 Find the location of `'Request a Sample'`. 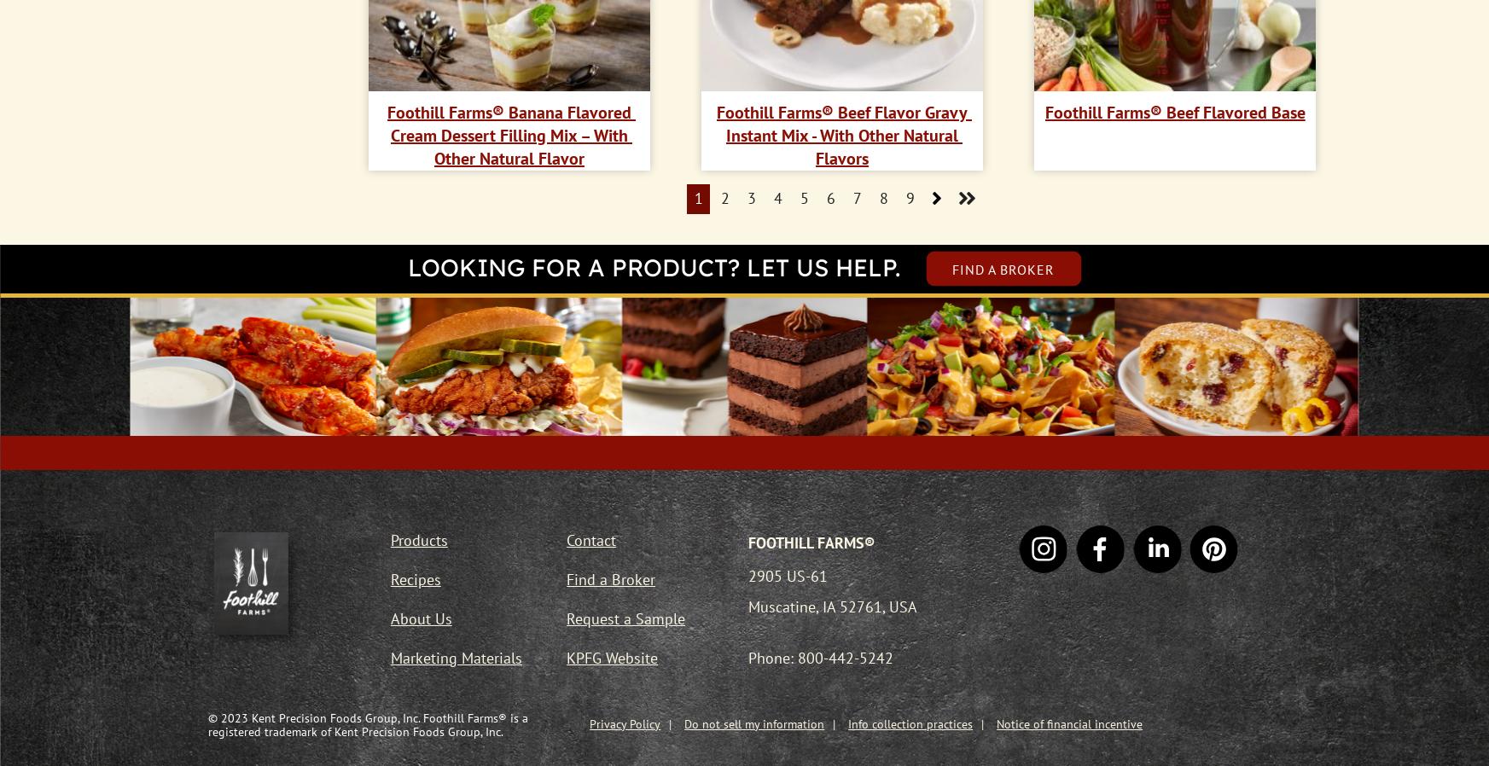

'Request a Sample' is located at coordinates (625, 618).